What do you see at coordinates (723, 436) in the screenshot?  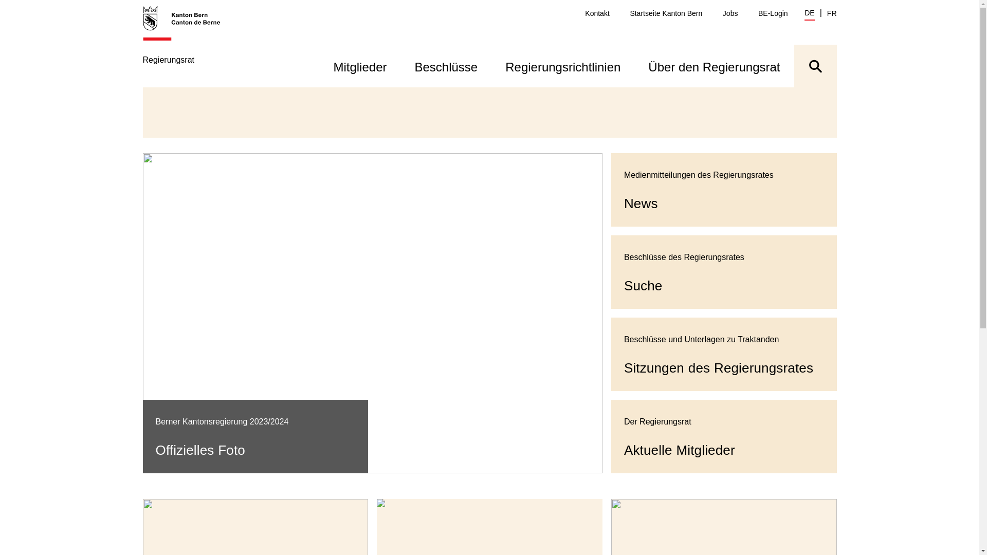 I see `'Aktuelle Mitglieder` at bounding box center [723, 436].